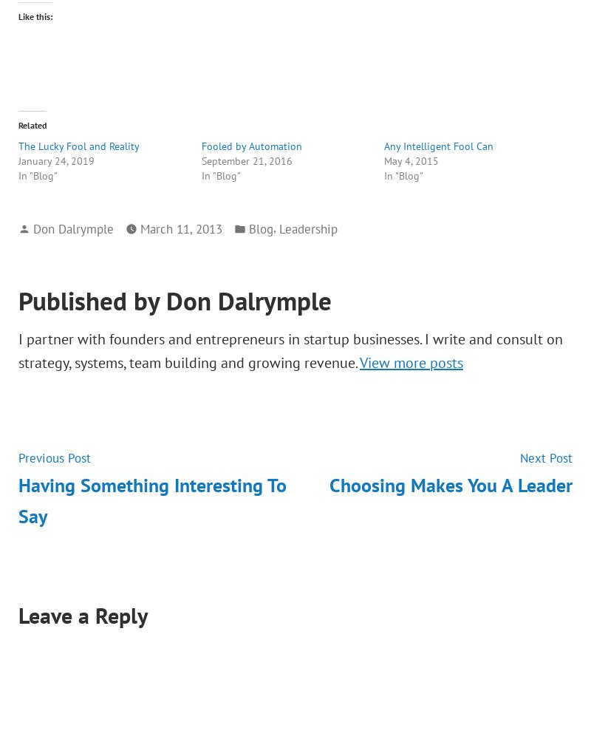  What do you see at coordinates (546, 457) in the screenshot?
I see `'Next Post'` at bounding box center [546, 457].